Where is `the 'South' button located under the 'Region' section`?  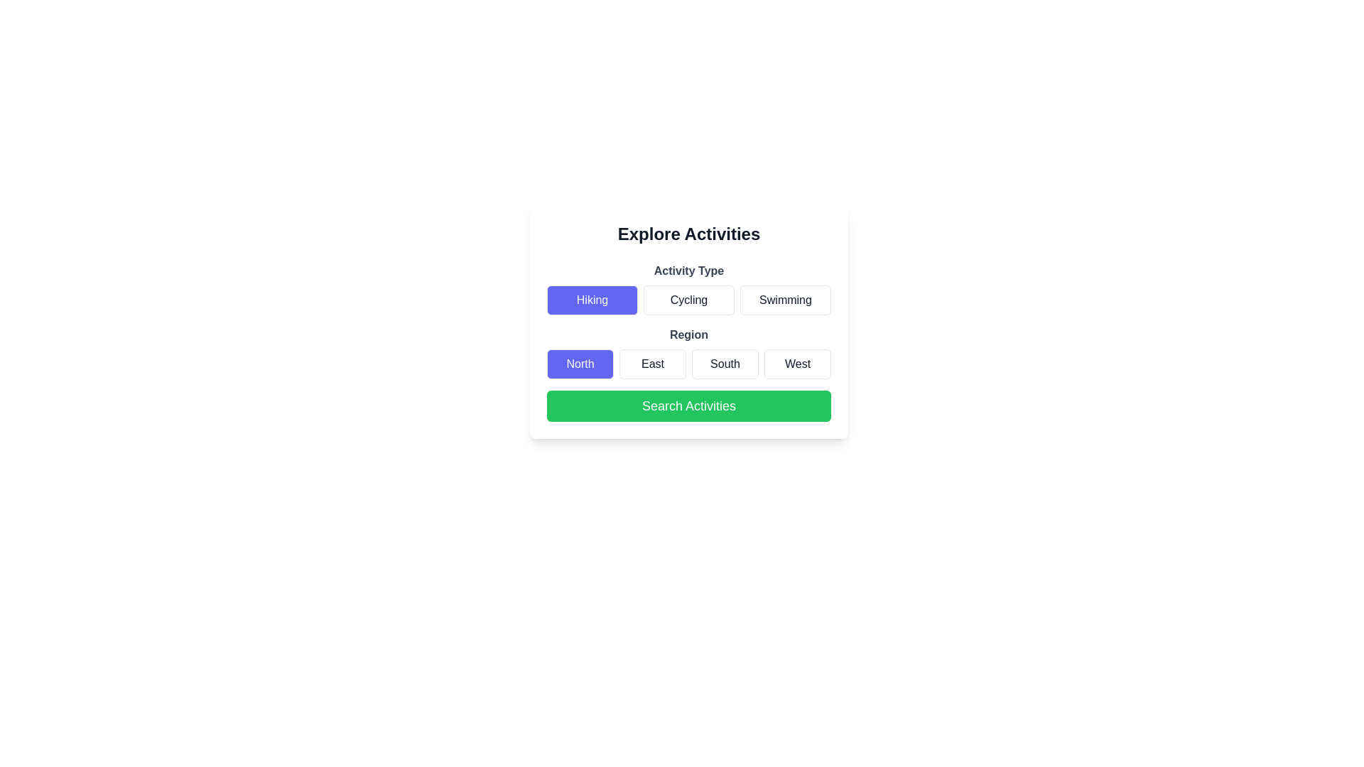 the 'South' button located under the 'Region' section is located at coordinates (725, 364).